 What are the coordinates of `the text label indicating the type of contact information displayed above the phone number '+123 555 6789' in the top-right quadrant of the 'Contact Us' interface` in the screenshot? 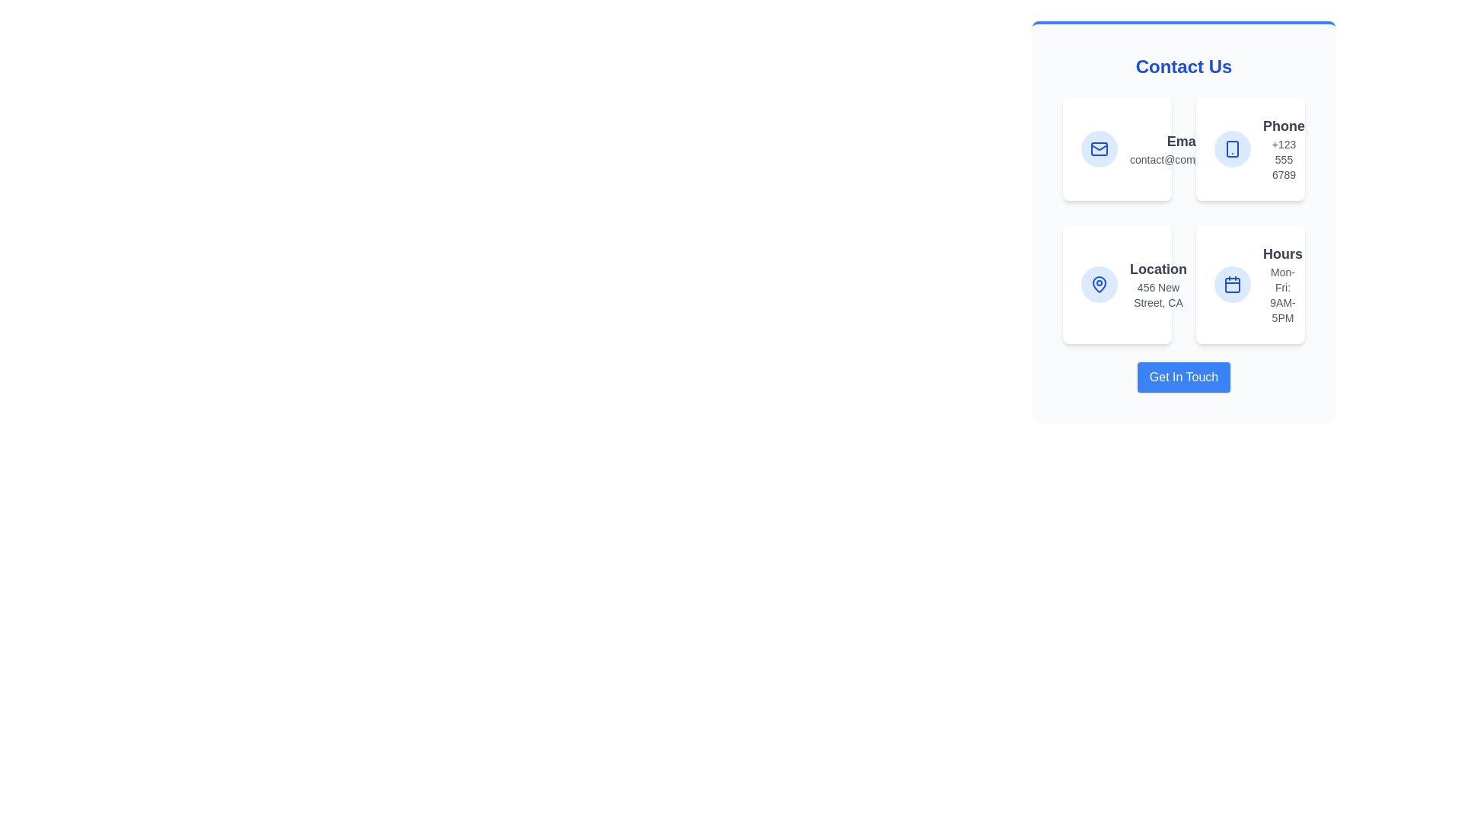 It's located at (1283, 125).